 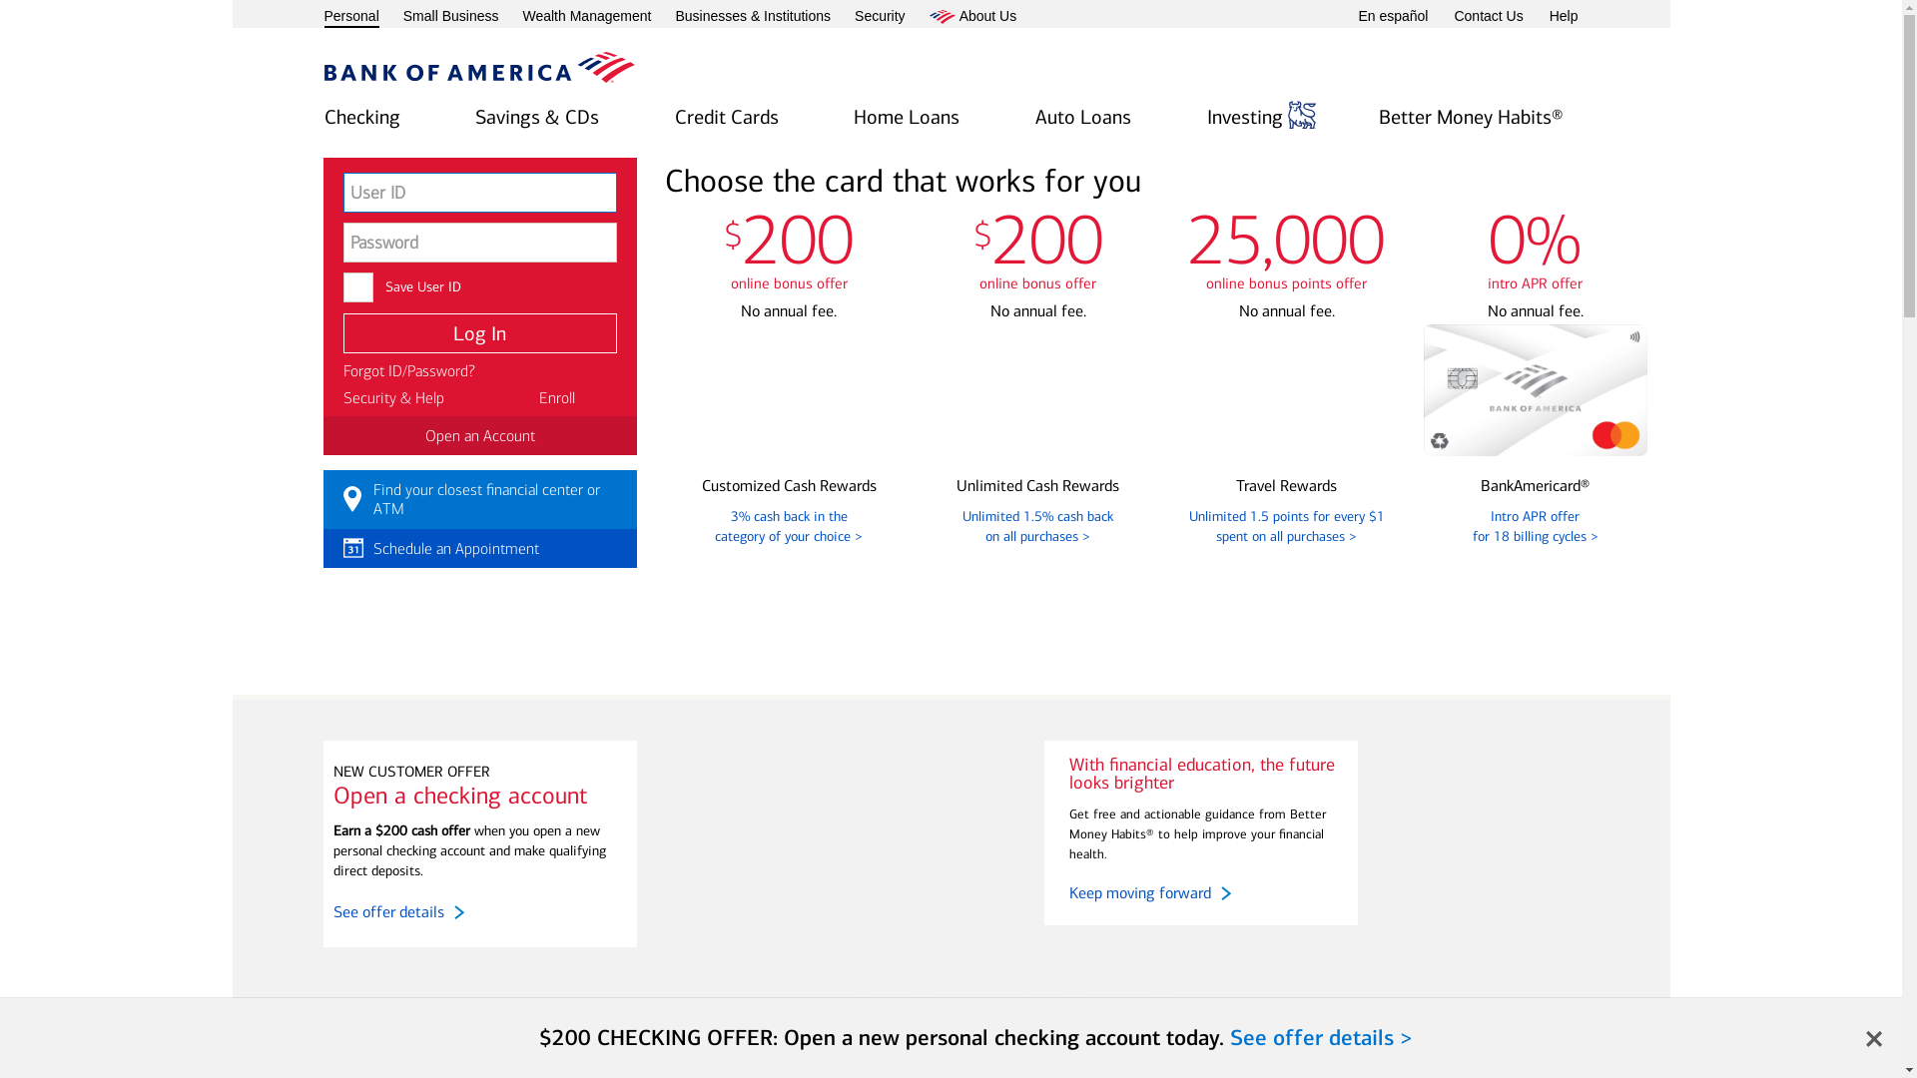 What do you see at coordinates (905, 119) in the screenshot?
I see `'Open` at bounding box center [905, 119].